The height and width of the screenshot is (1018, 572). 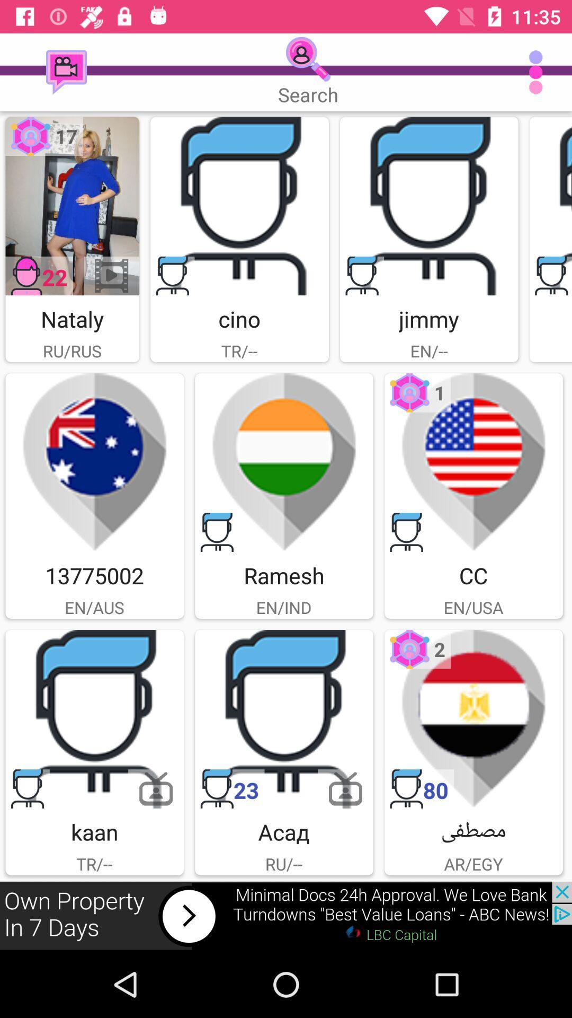 I want to click on advertisement, so click(x=94, y=462).